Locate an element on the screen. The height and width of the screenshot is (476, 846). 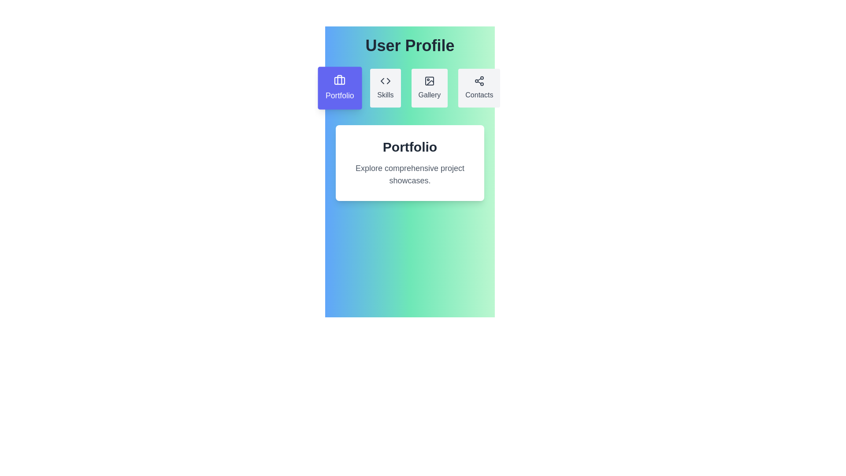
the tab labeled Contacts to see its hover effect is located at coordinates (479, 88).